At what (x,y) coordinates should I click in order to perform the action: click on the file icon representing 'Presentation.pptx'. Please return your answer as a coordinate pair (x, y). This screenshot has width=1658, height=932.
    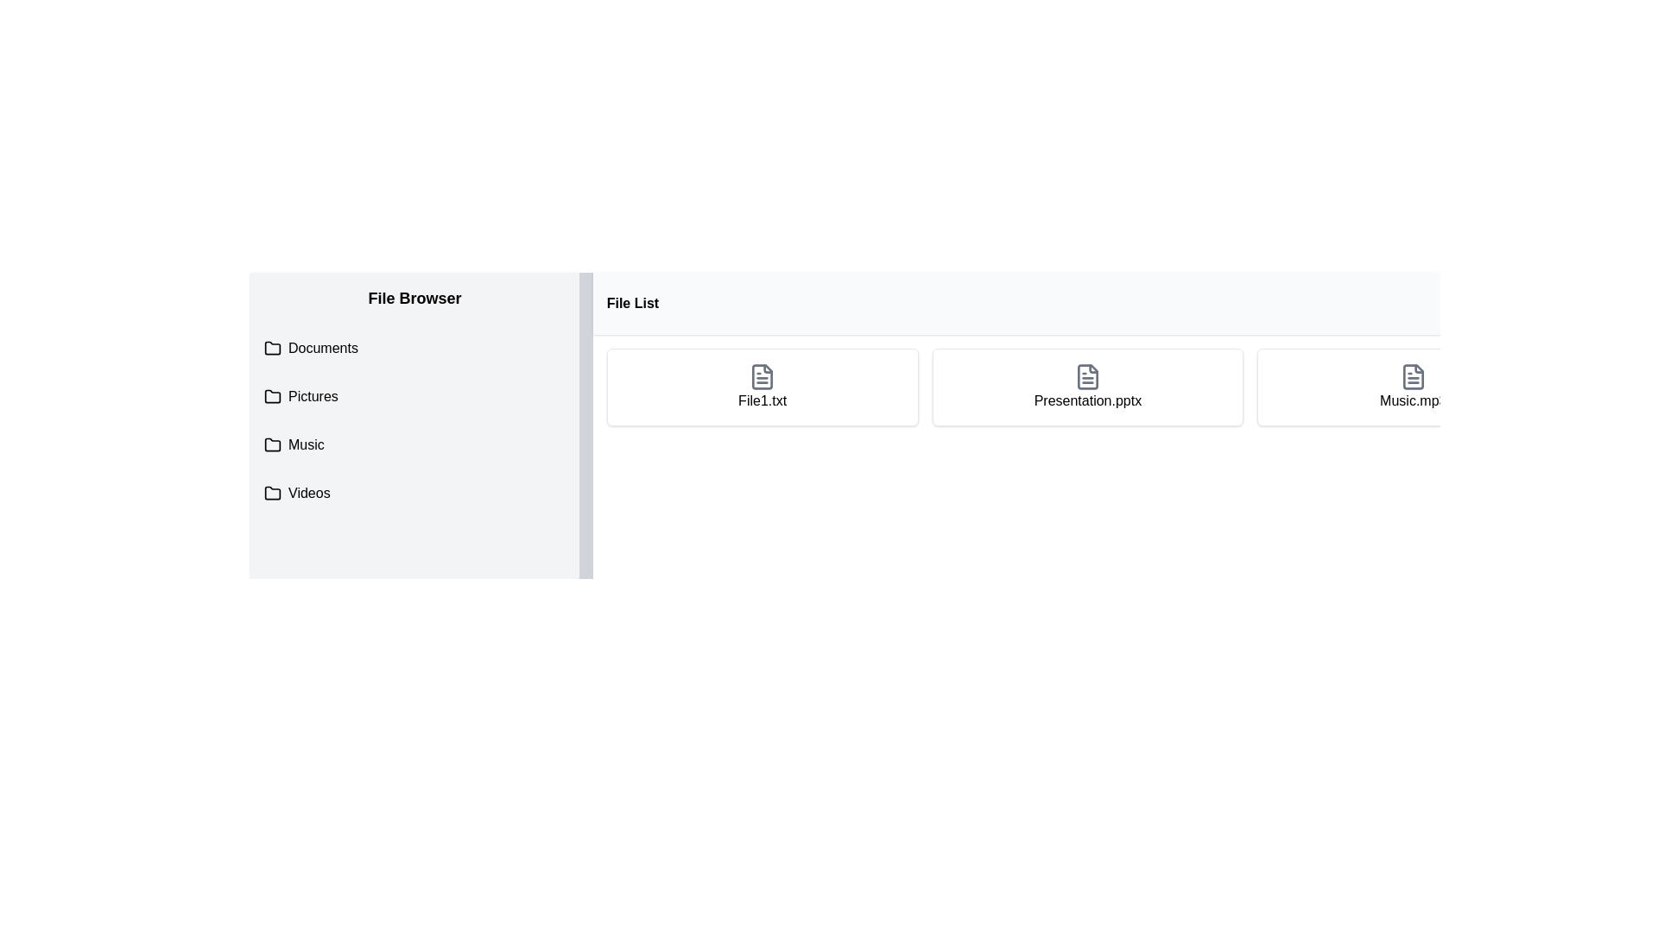
    Looking at the image, I should click on (1086, 375).